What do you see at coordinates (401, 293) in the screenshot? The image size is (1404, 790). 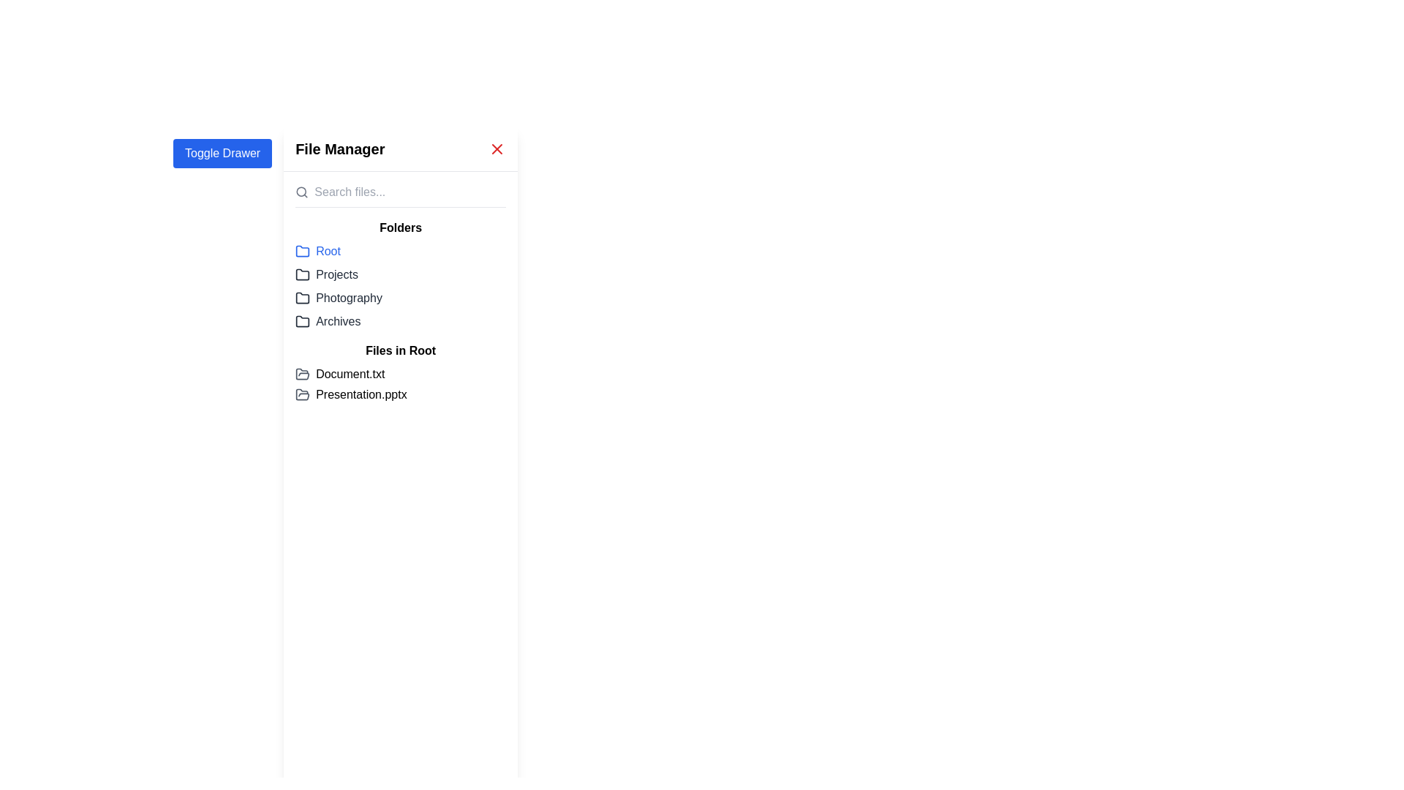 I see `the 'Photography' folder name in the hierarchical directory tree of the file manager interface` at bounding box center [401, 293].